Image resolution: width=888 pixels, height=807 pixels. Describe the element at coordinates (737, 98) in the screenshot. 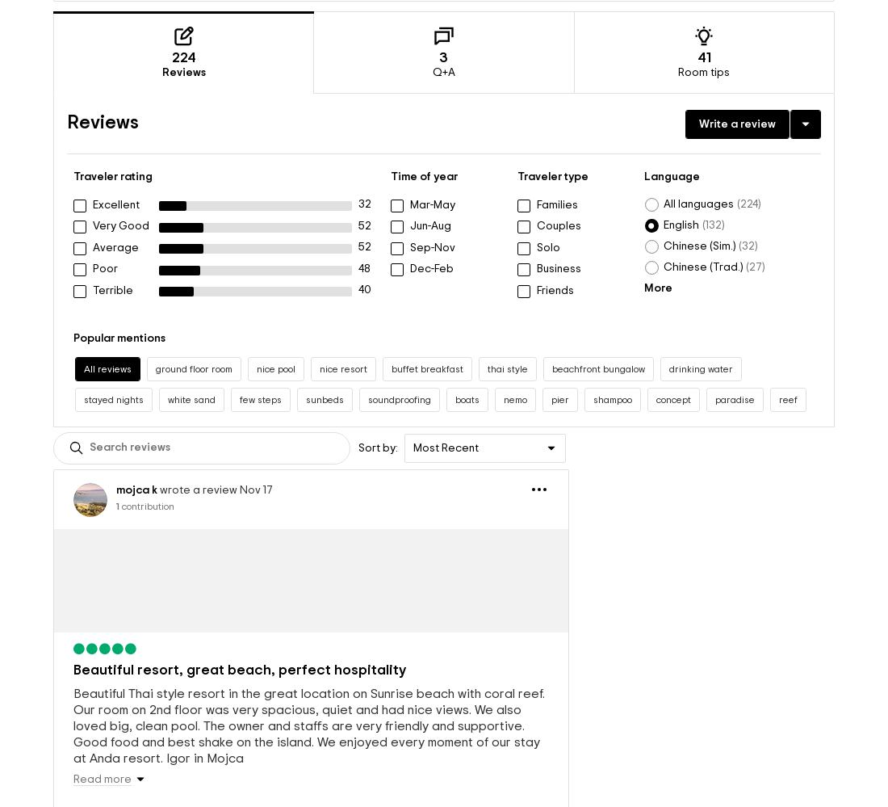

I see `'Write a review'` at that location.